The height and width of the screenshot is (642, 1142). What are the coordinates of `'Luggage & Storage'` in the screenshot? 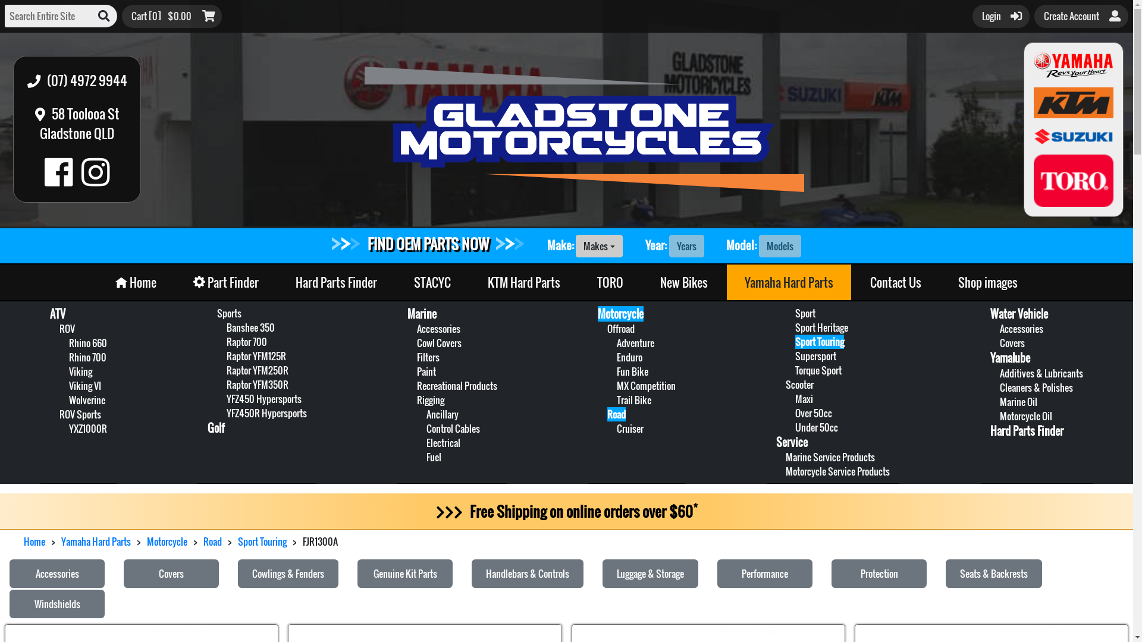 It's located at (650, 572).